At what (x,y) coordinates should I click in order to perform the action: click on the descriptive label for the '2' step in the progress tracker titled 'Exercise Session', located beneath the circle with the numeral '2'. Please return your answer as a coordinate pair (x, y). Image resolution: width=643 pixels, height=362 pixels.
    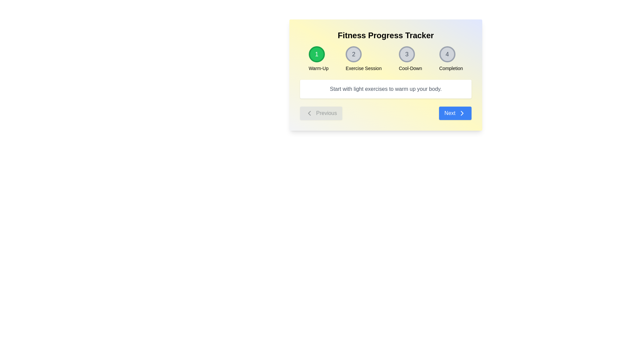
    Looking at the image, I should click on (363, 68).